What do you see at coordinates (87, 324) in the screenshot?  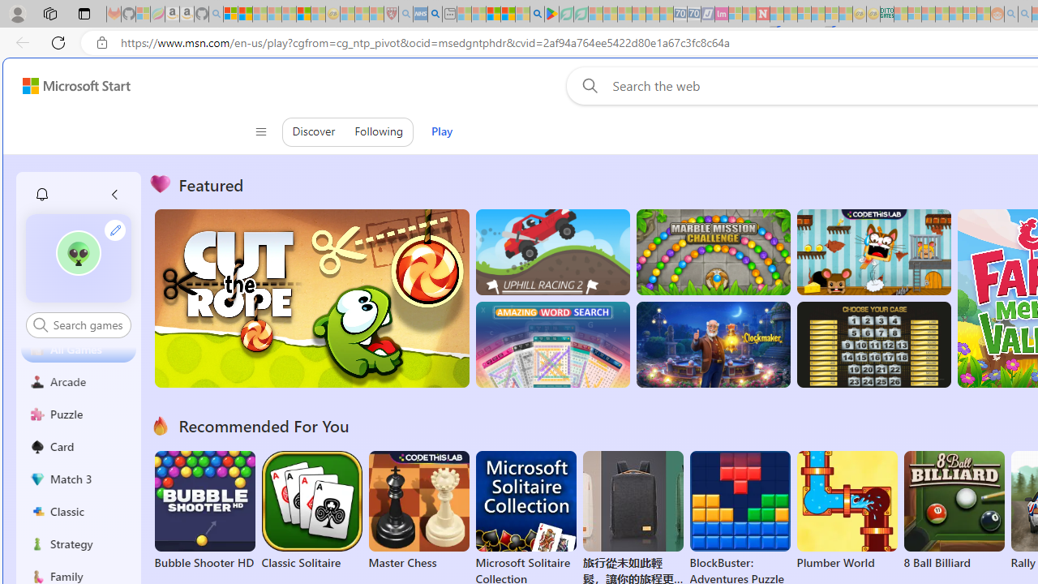 I see `'AutomationID: control'` at bounding box center [87, 324].